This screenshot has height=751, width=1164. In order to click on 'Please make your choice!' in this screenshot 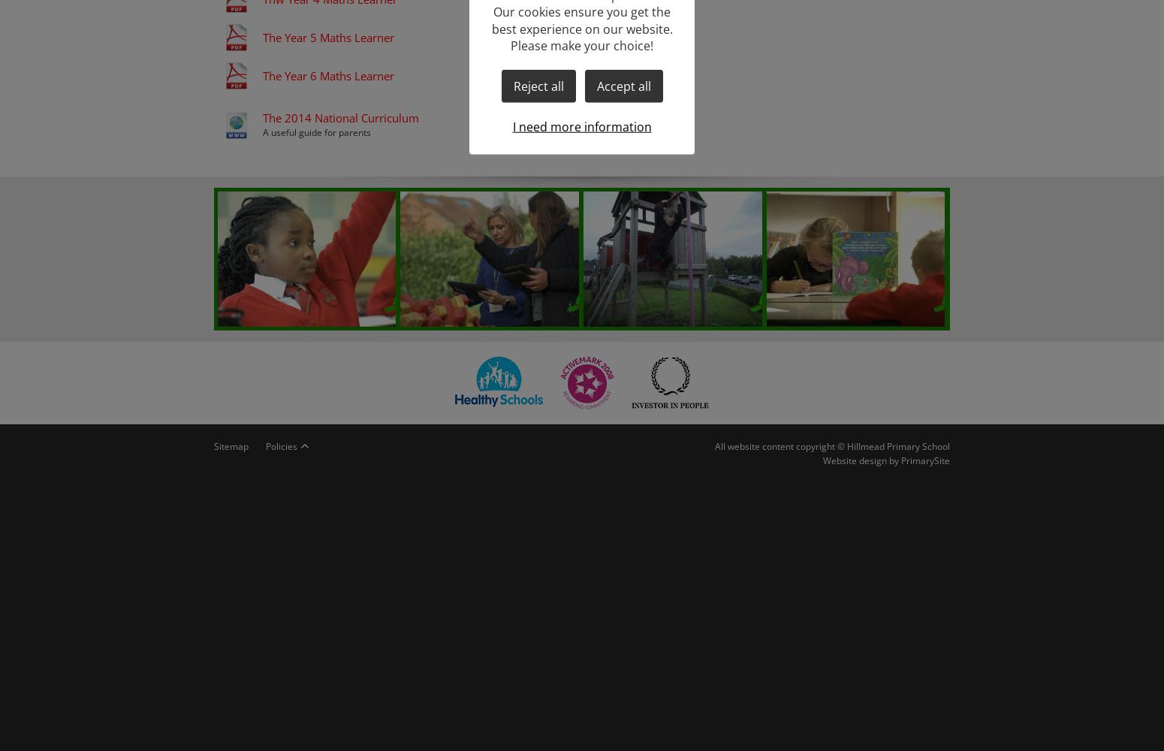, I will do `click(582, 45)`.